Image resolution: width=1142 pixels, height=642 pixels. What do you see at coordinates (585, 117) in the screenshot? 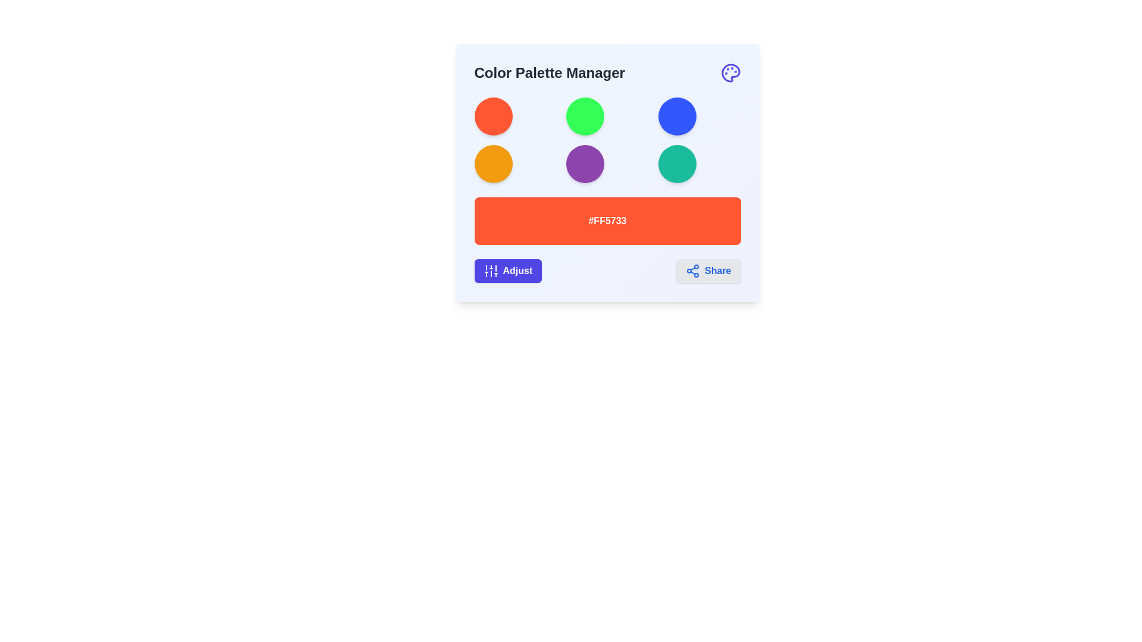
I see `the vibrant green interactive circle button located in the second column of the first row of the grid` at bounding box center [585, 117].